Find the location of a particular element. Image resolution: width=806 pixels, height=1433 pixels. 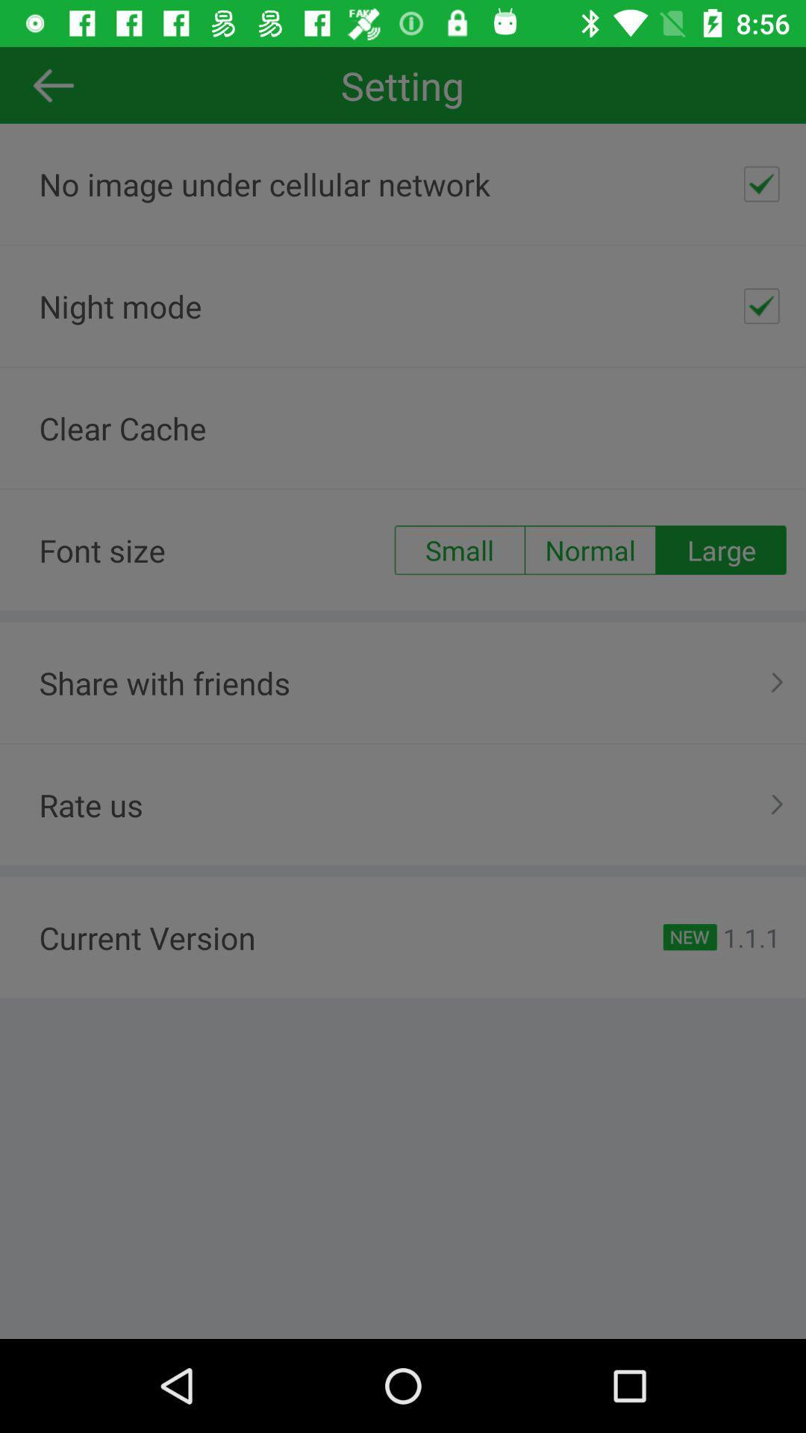

the item above share with friends item is located at coordinates (590, 549).